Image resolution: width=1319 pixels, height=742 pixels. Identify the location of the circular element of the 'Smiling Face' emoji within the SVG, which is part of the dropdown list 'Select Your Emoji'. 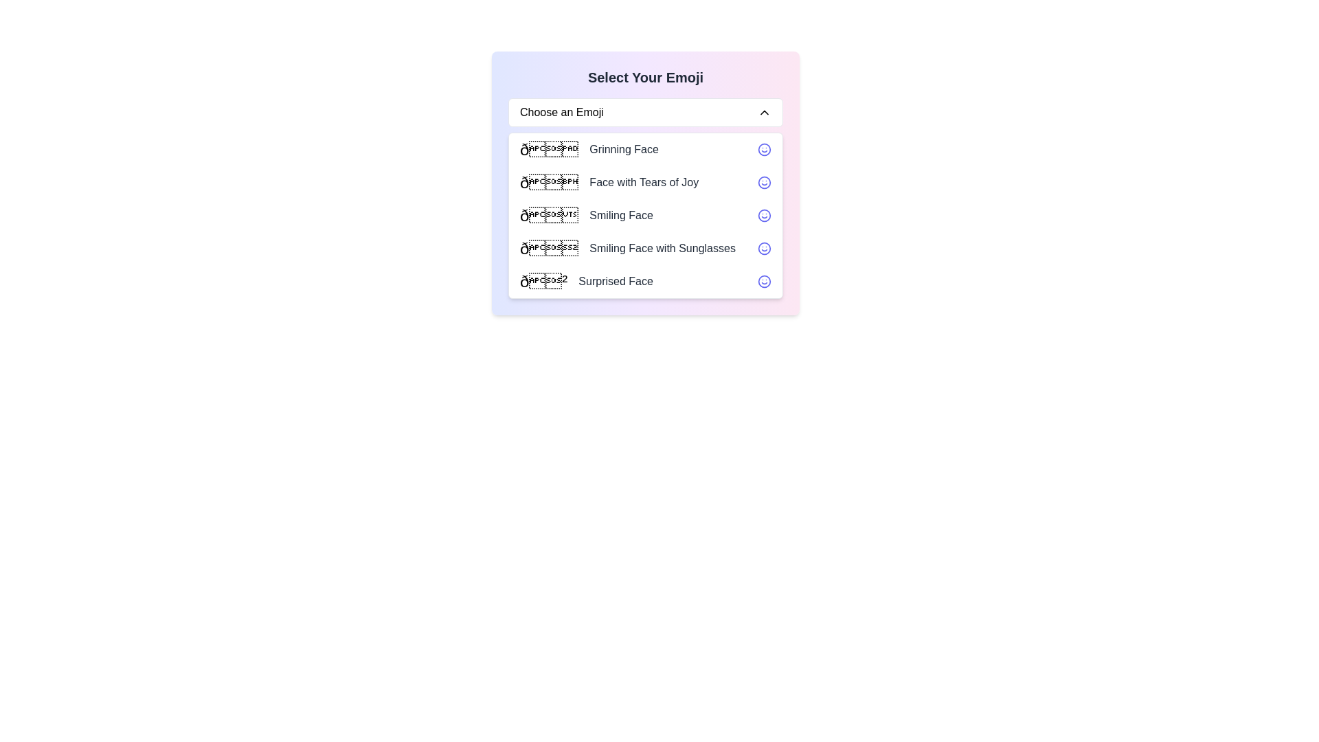
(764, 215).